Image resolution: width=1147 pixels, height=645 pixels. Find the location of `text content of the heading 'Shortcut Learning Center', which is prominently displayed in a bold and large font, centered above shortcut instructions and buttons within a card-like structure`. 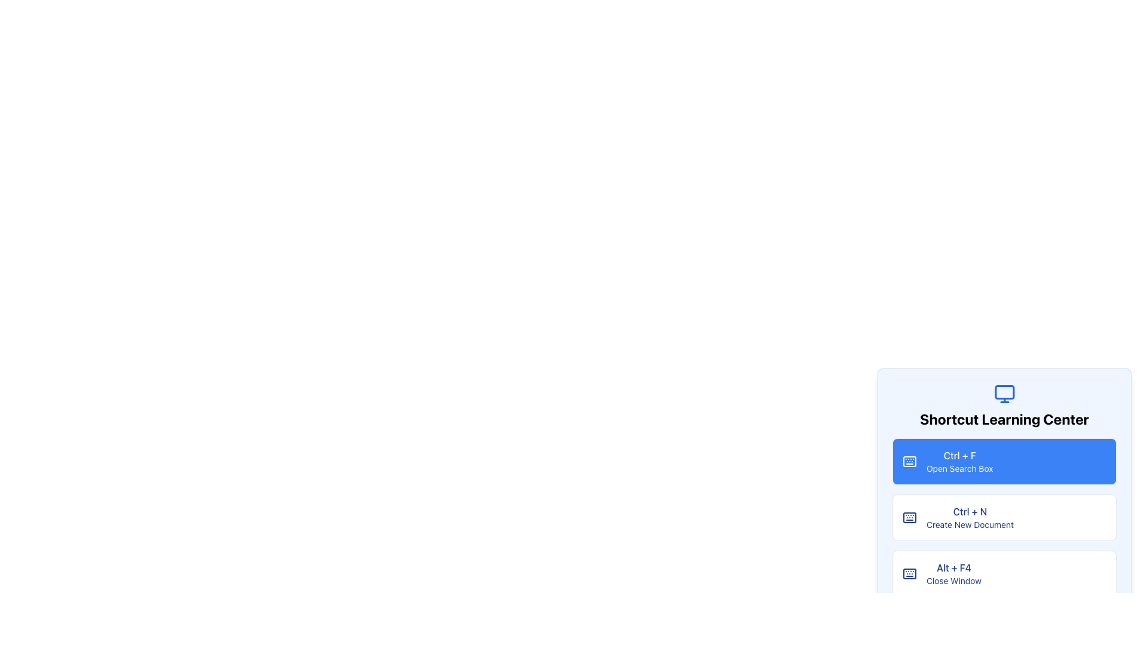

text content of the heading 'Shortcut Learning Center', which is prominently displayed in a bold and large font, centered above shortcut instructions and buttons within a card-like structure is located at coordinates (1004, 405).